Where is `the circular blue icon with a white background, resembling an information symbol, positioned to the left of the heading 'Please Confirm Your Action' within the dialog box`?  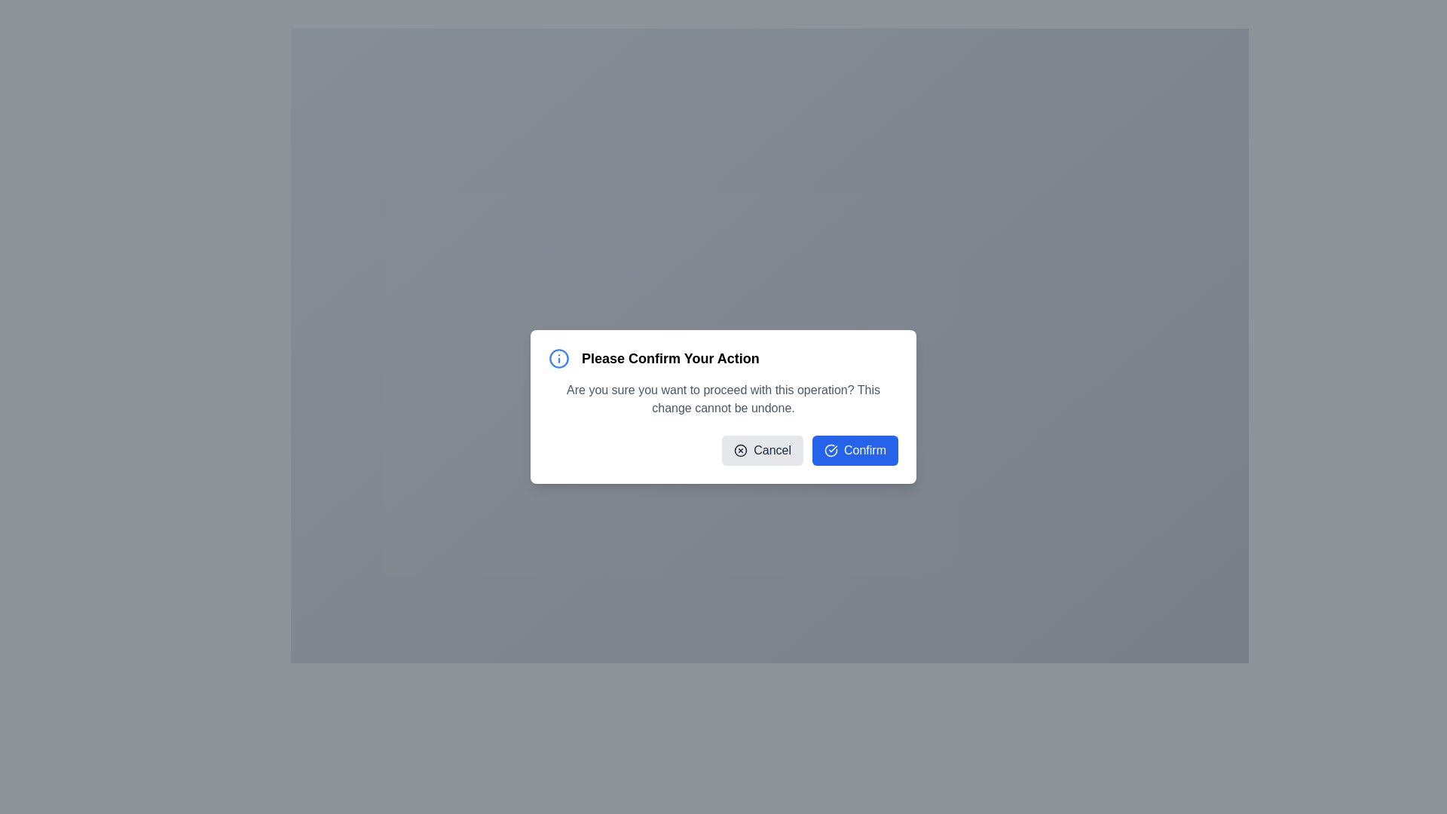
the circular blue icon with a white background, resembling an information symbol, positioned to the left of the heading 'Please Confirm Your Action' within the dialog box is located at coordinates (558, 358).